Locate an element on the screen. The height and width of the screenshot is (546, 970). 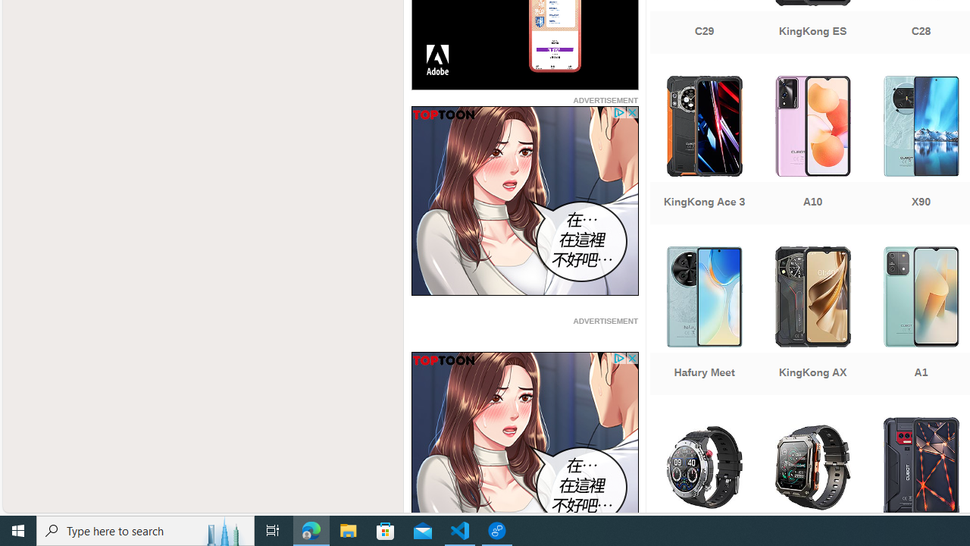
'KingKong AX' is located at coordinates (812, 322).